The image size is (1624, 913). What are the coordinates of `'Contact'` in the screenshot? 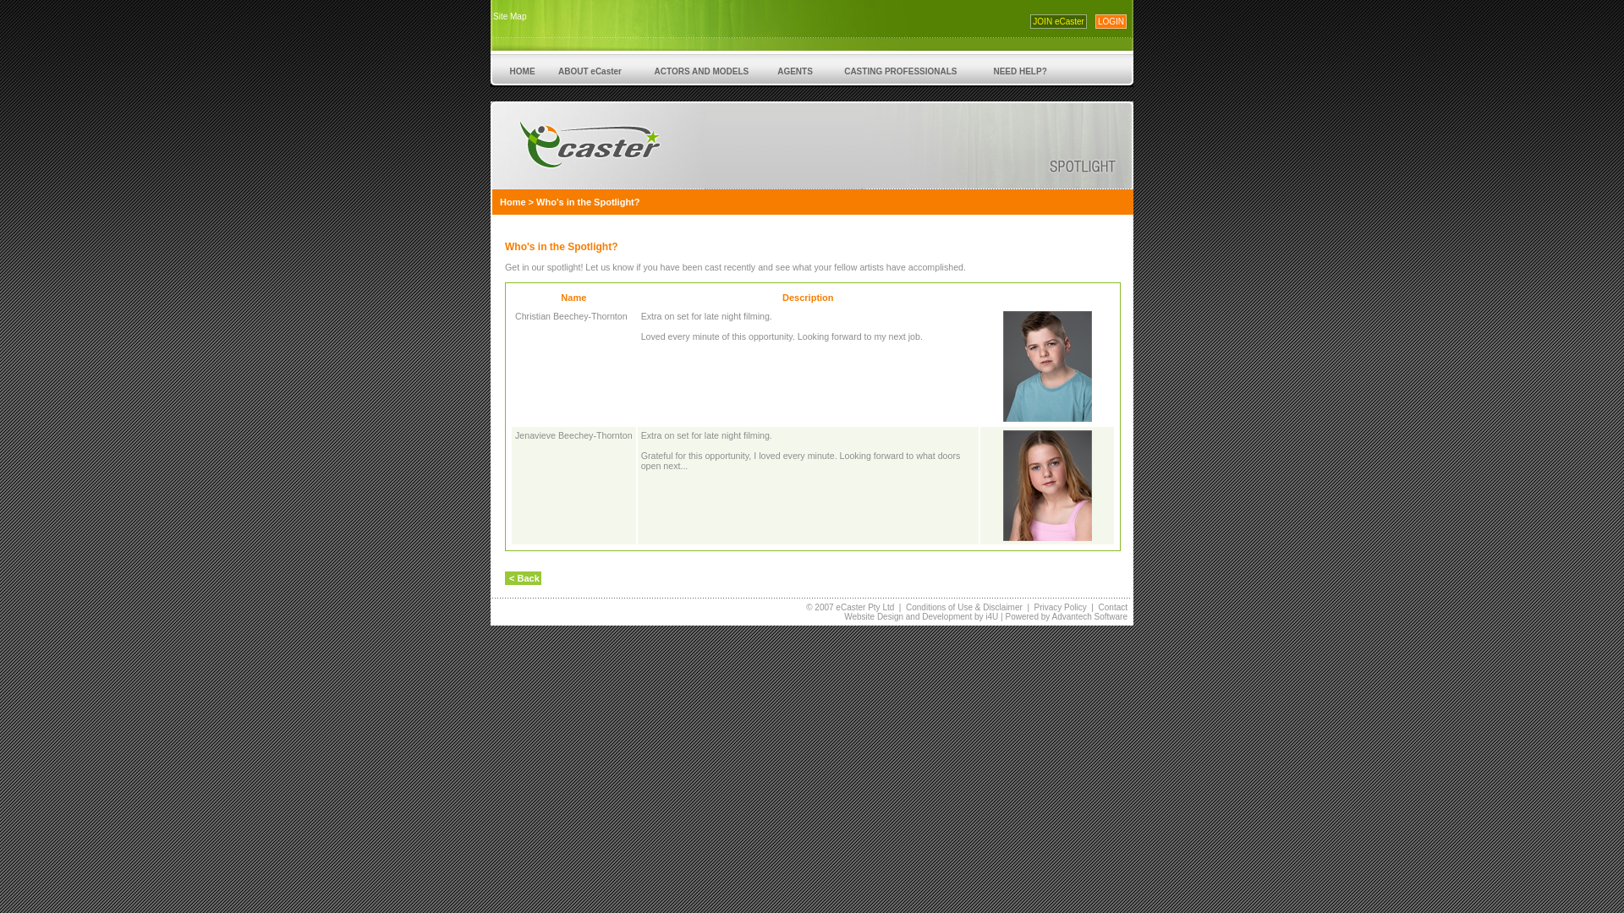 It's located at (1112, 606).